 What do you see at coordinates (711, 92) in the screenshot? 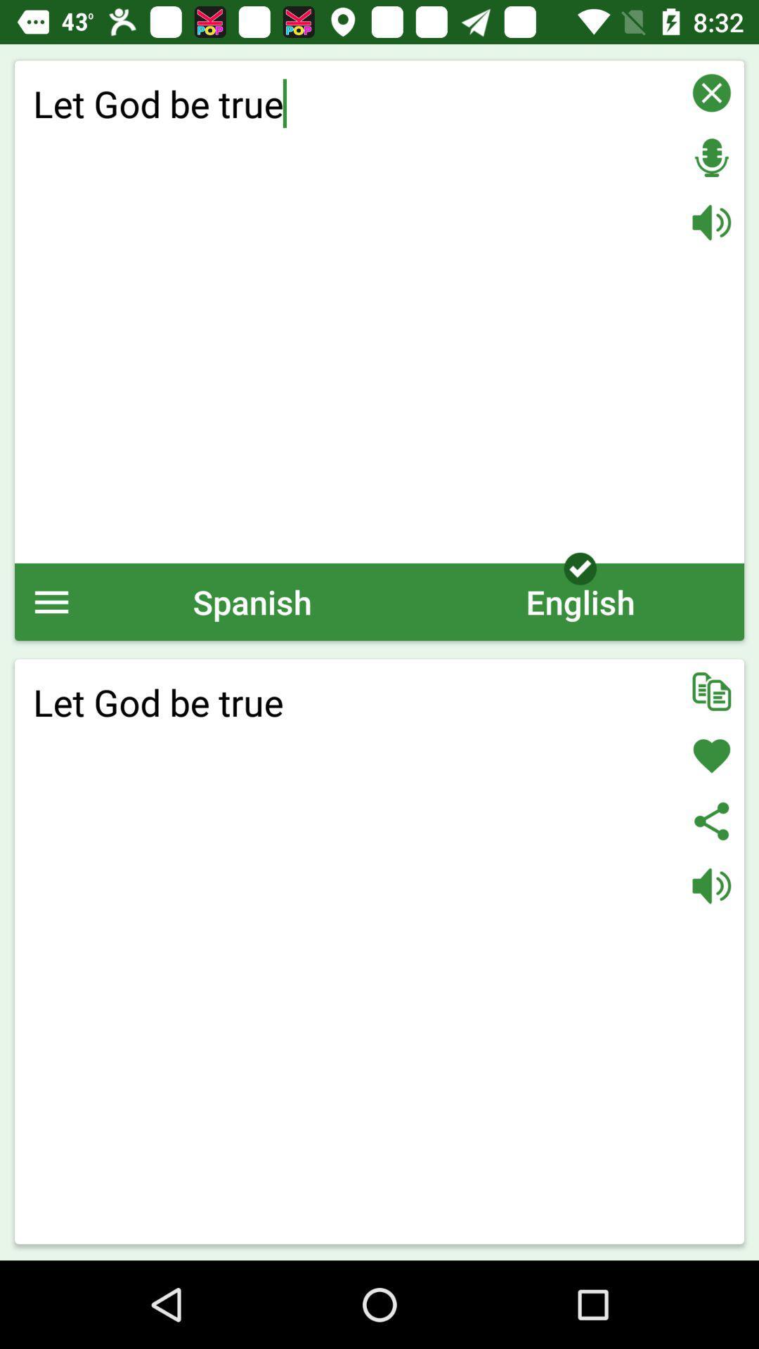
I see `close` at bounding box center [711, 92].